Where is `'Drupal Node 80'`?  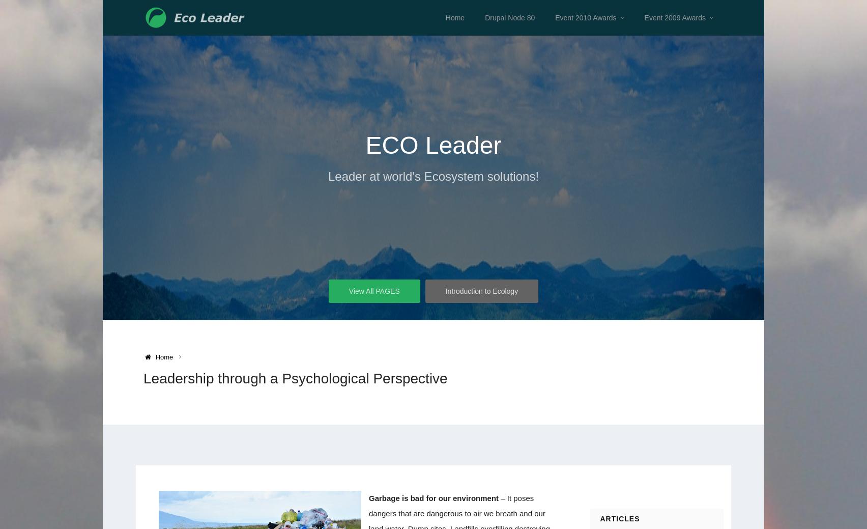
'Drupal Node 80' is located at coordinates (509, 17).